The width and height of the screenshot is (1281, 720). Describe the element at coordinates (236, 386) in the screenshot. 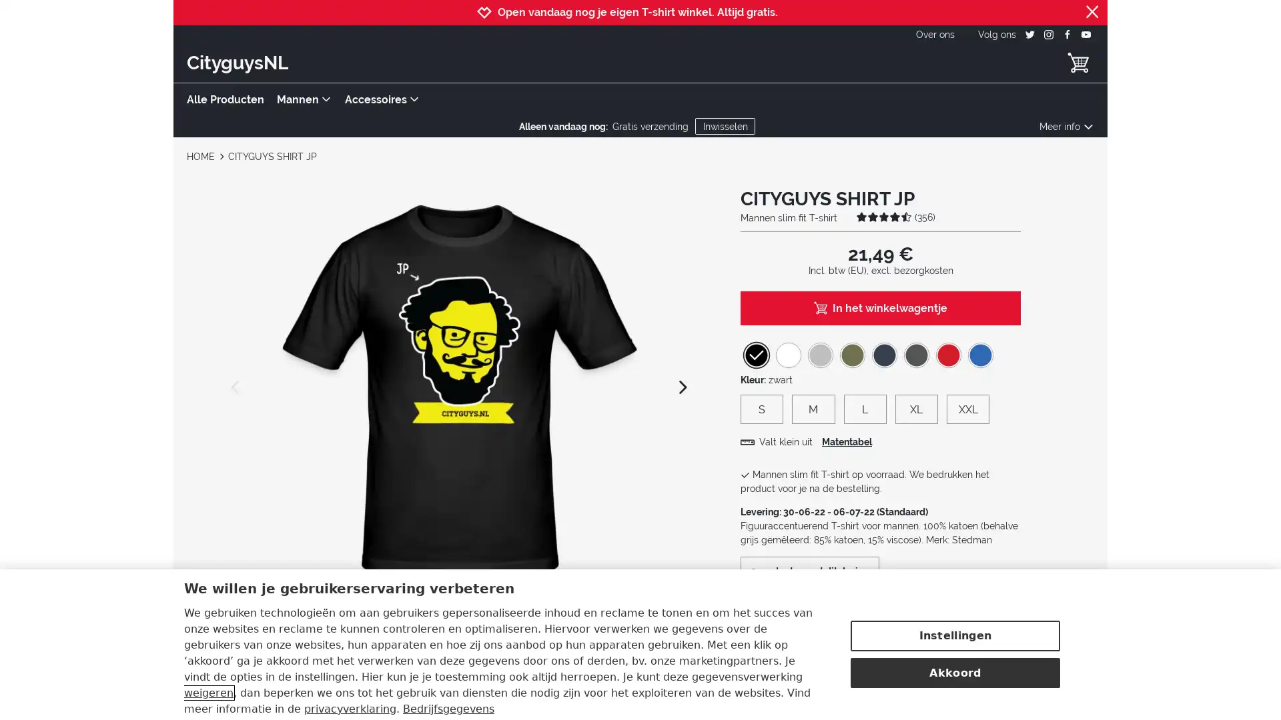

I see `previous image` at that location.